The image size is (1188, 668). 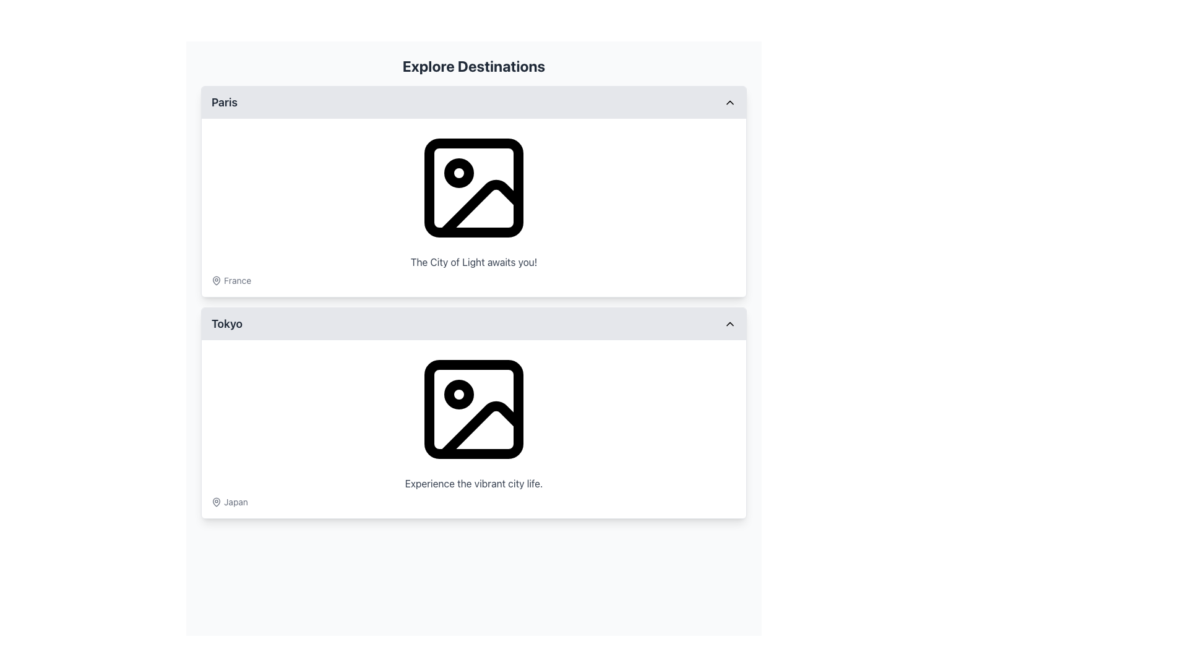 I want to click on the toggle icon located in the top-right corner of the 'Tokyo' section, so click(x=730, y=323).